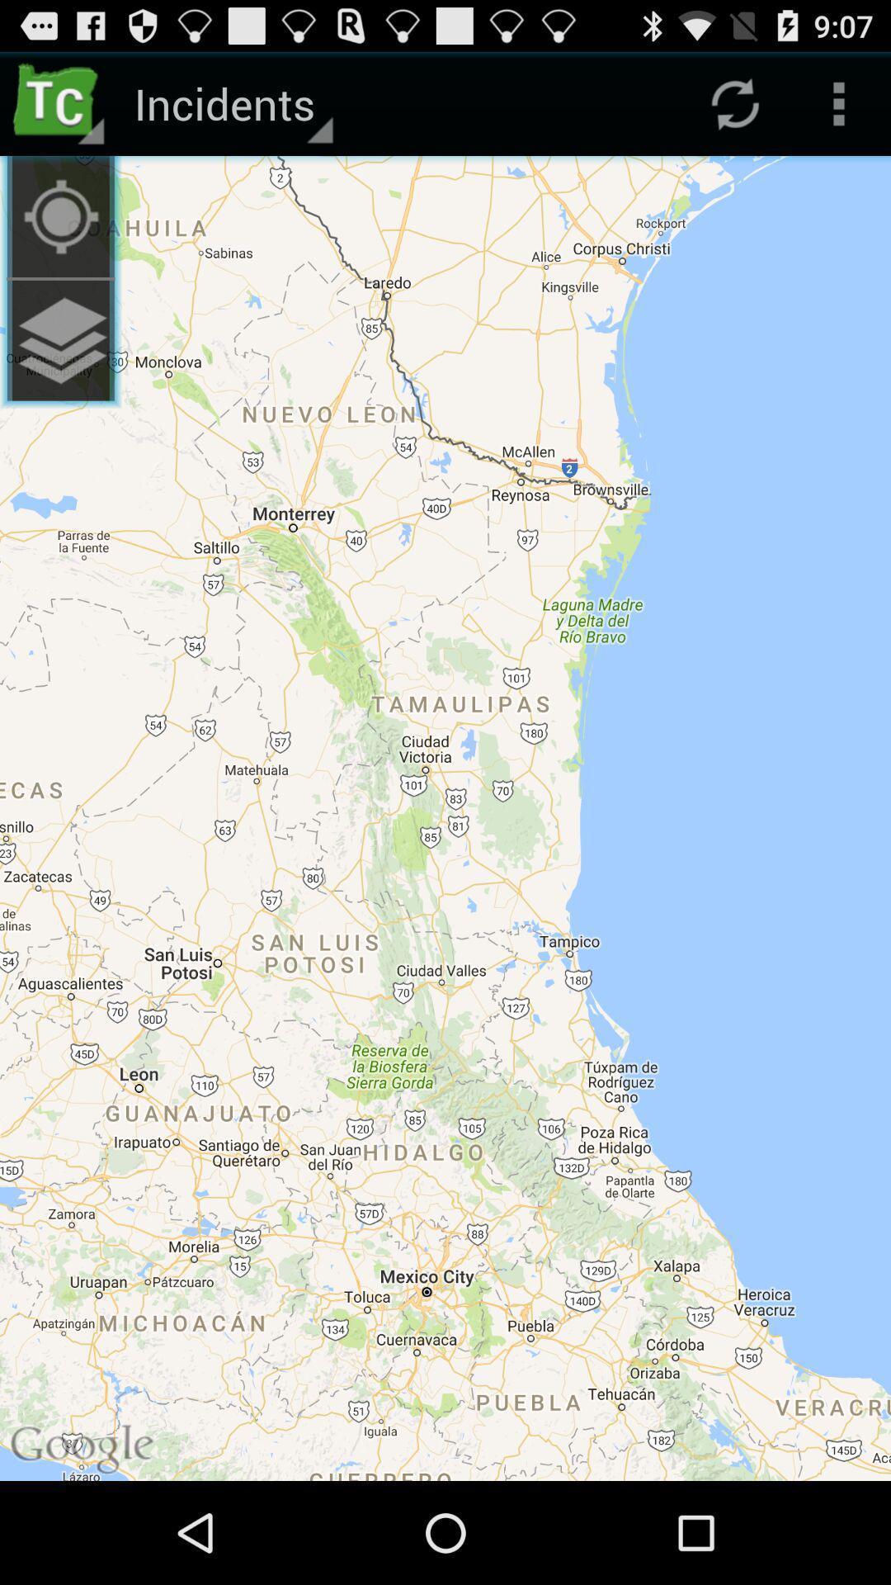 This screenshot has height=1585, width=891. I want to click on item to the left of incidents app, so click(59, 215).